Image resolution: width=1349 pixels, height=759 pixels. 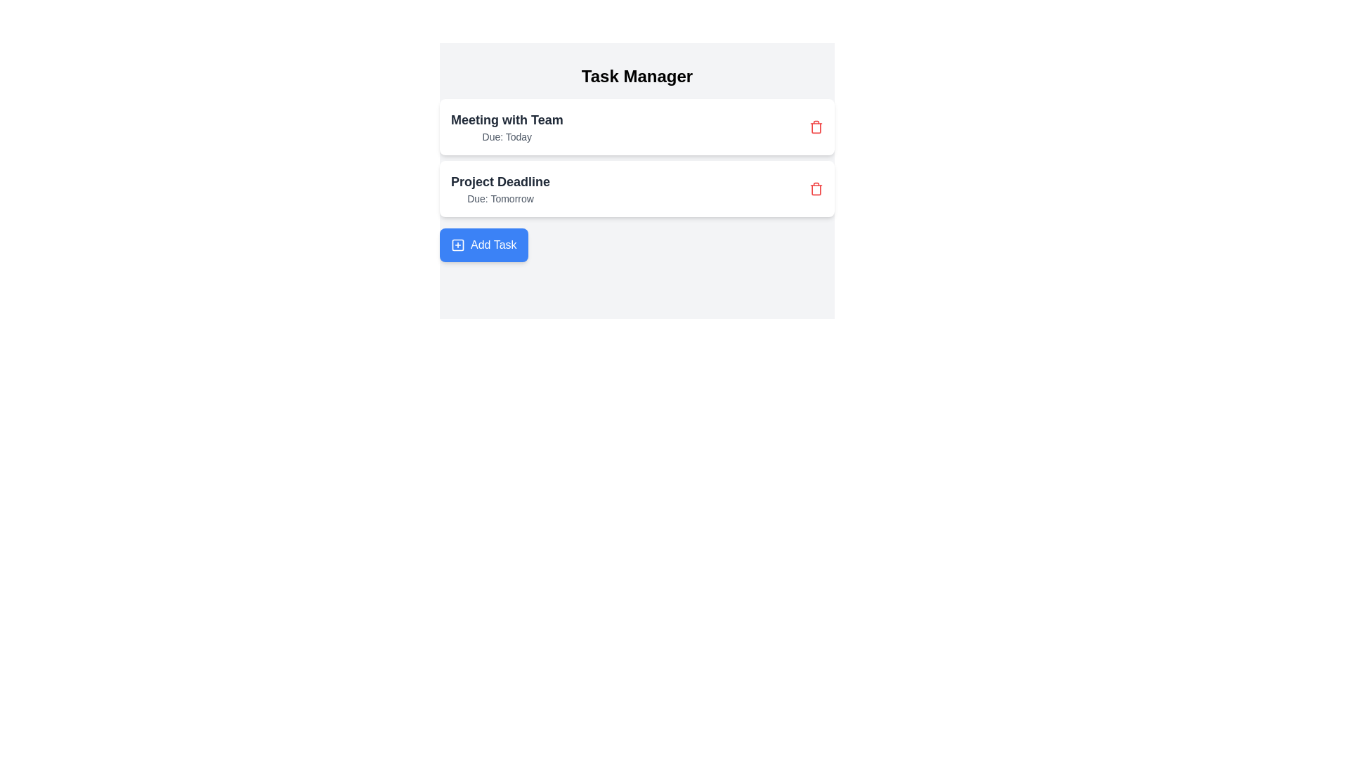 I want to click on the Informational Text Display that shows 'Project Deadline' and 'Due: Tomorrow', located centrally within the second task block beneath 'Meeting with Team', so click(x=500, y=188).